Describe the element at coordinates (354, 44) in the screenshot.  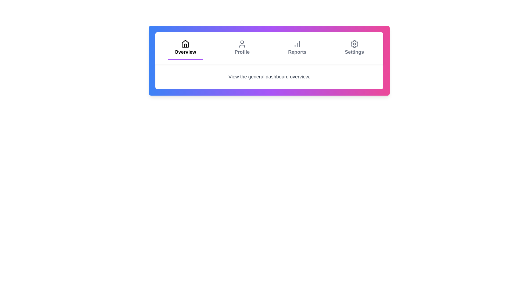
I see `the cogwheel-shaped icon representing settings in the top-right section of the navigation bar` at that location.